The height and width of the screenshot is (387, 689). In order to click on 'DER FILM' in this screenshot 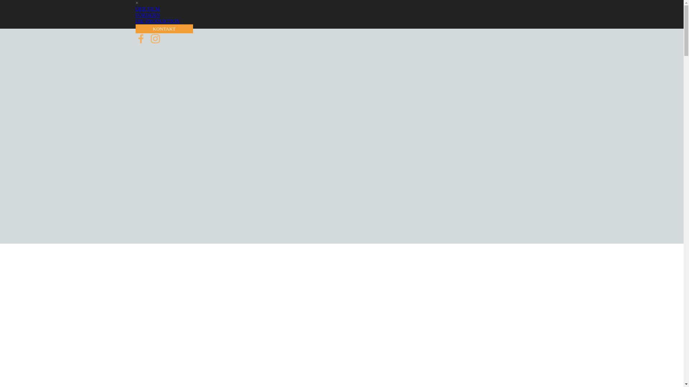, I will do `click(147, 9)`.